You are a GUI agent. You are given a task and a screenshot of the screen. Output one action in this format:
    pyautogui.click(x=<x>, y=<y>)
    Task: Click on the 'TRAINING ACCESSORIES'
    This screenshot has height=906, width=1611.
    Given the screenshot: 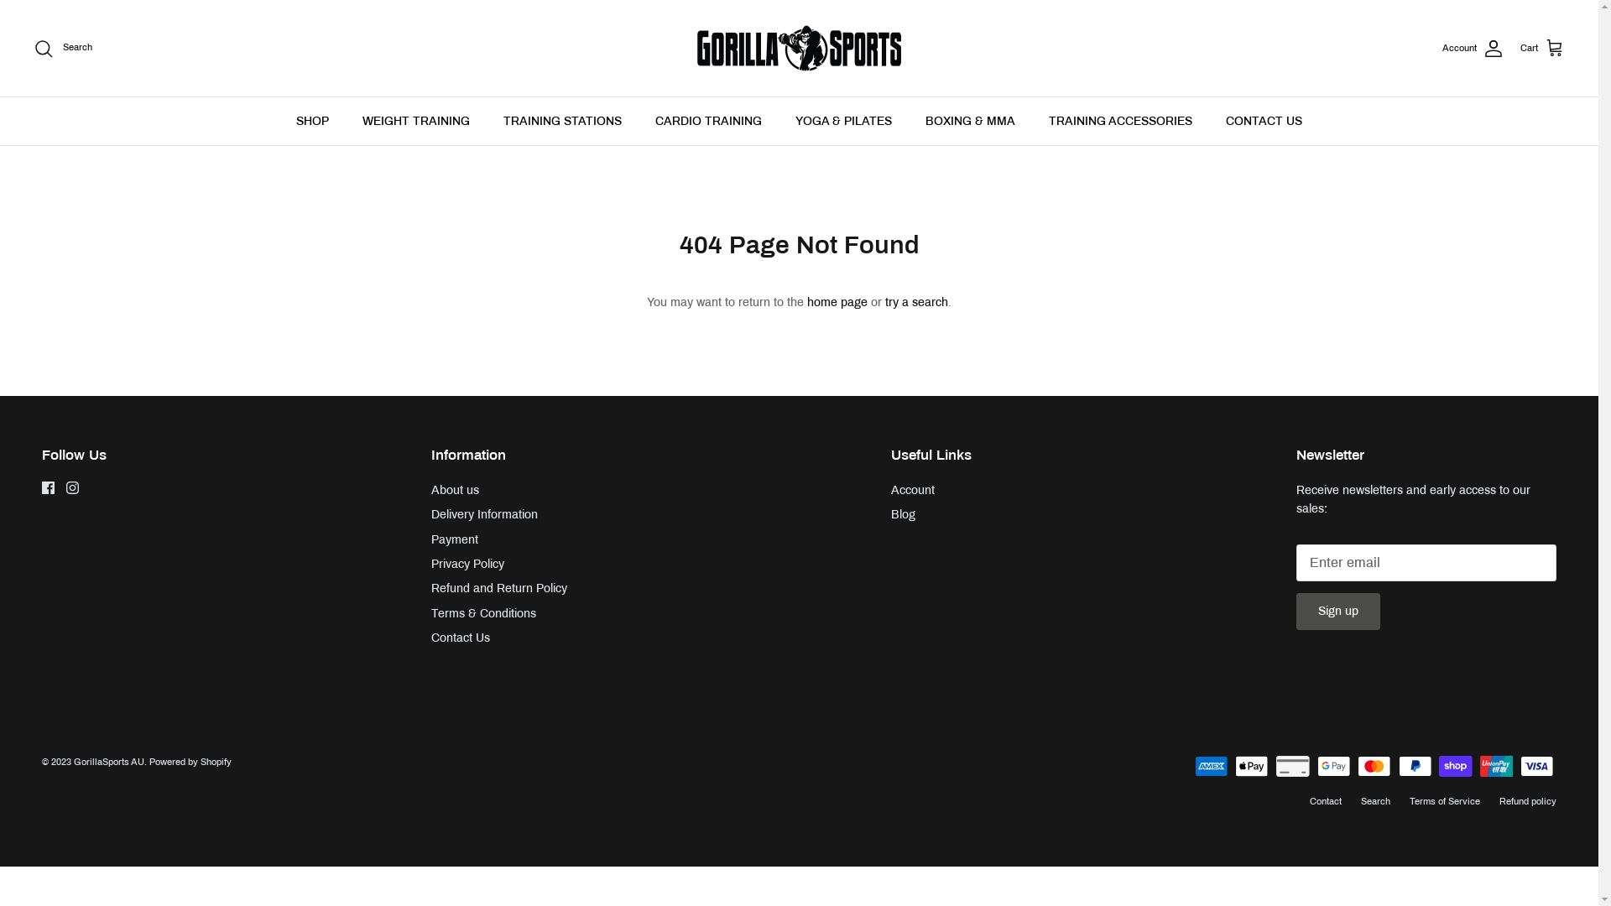 What is the action you would take?
    pyautogui.click(x=1120, y=120)
    